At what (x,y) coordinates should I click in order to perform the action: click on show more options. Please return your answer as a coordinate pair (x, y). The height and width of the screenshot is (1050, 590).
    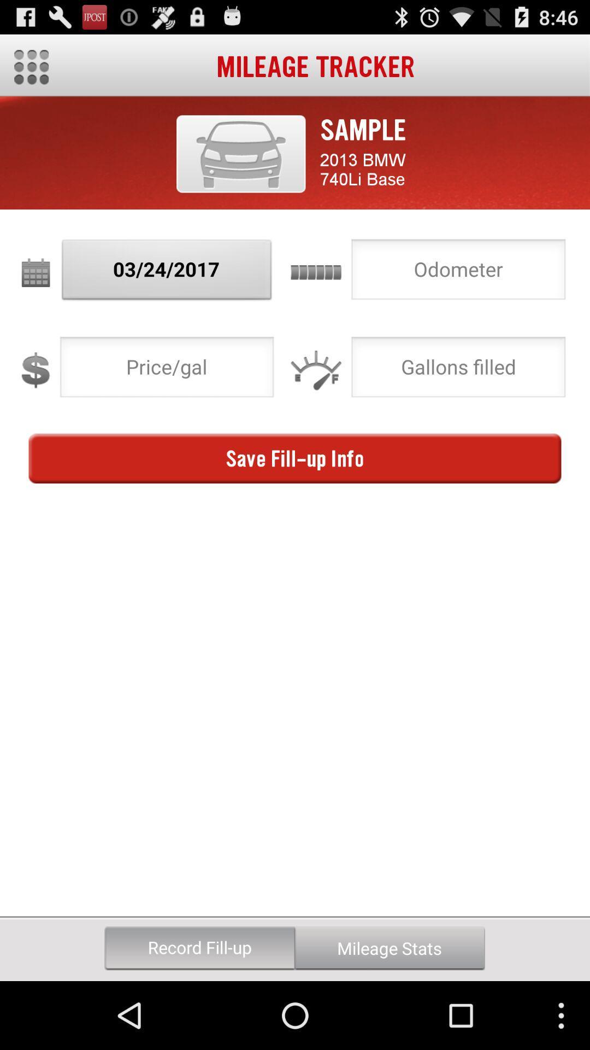
    Looking at the image, I should click on (31, 67).